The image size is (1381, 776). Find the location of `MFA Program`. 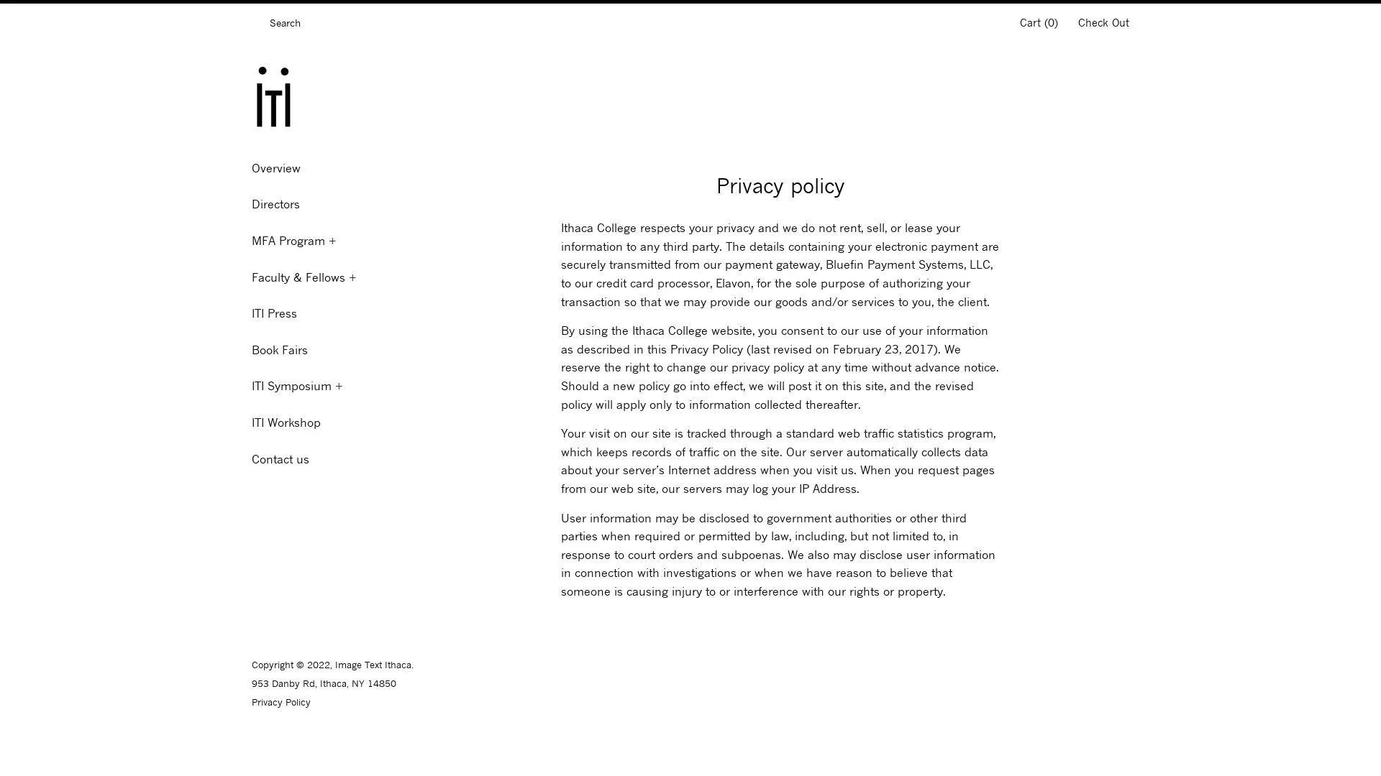

MFA Program is located at coordinates (330, 240).